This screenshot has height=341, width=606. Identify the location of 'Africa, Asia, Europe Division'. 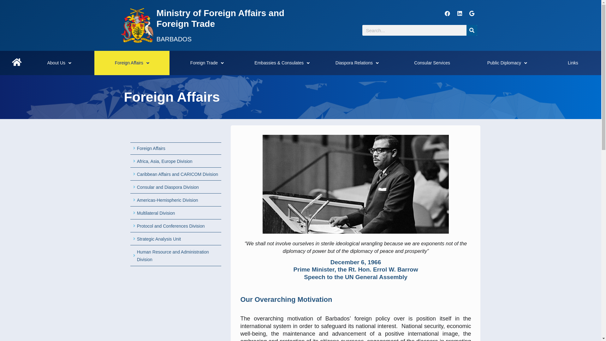
(175, 161).